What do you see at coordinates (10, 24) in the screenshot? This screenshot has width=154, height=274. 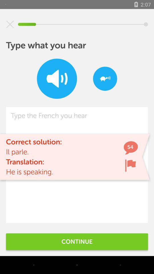 I see `icon above type what you icon` at bounding box center [10, 24].